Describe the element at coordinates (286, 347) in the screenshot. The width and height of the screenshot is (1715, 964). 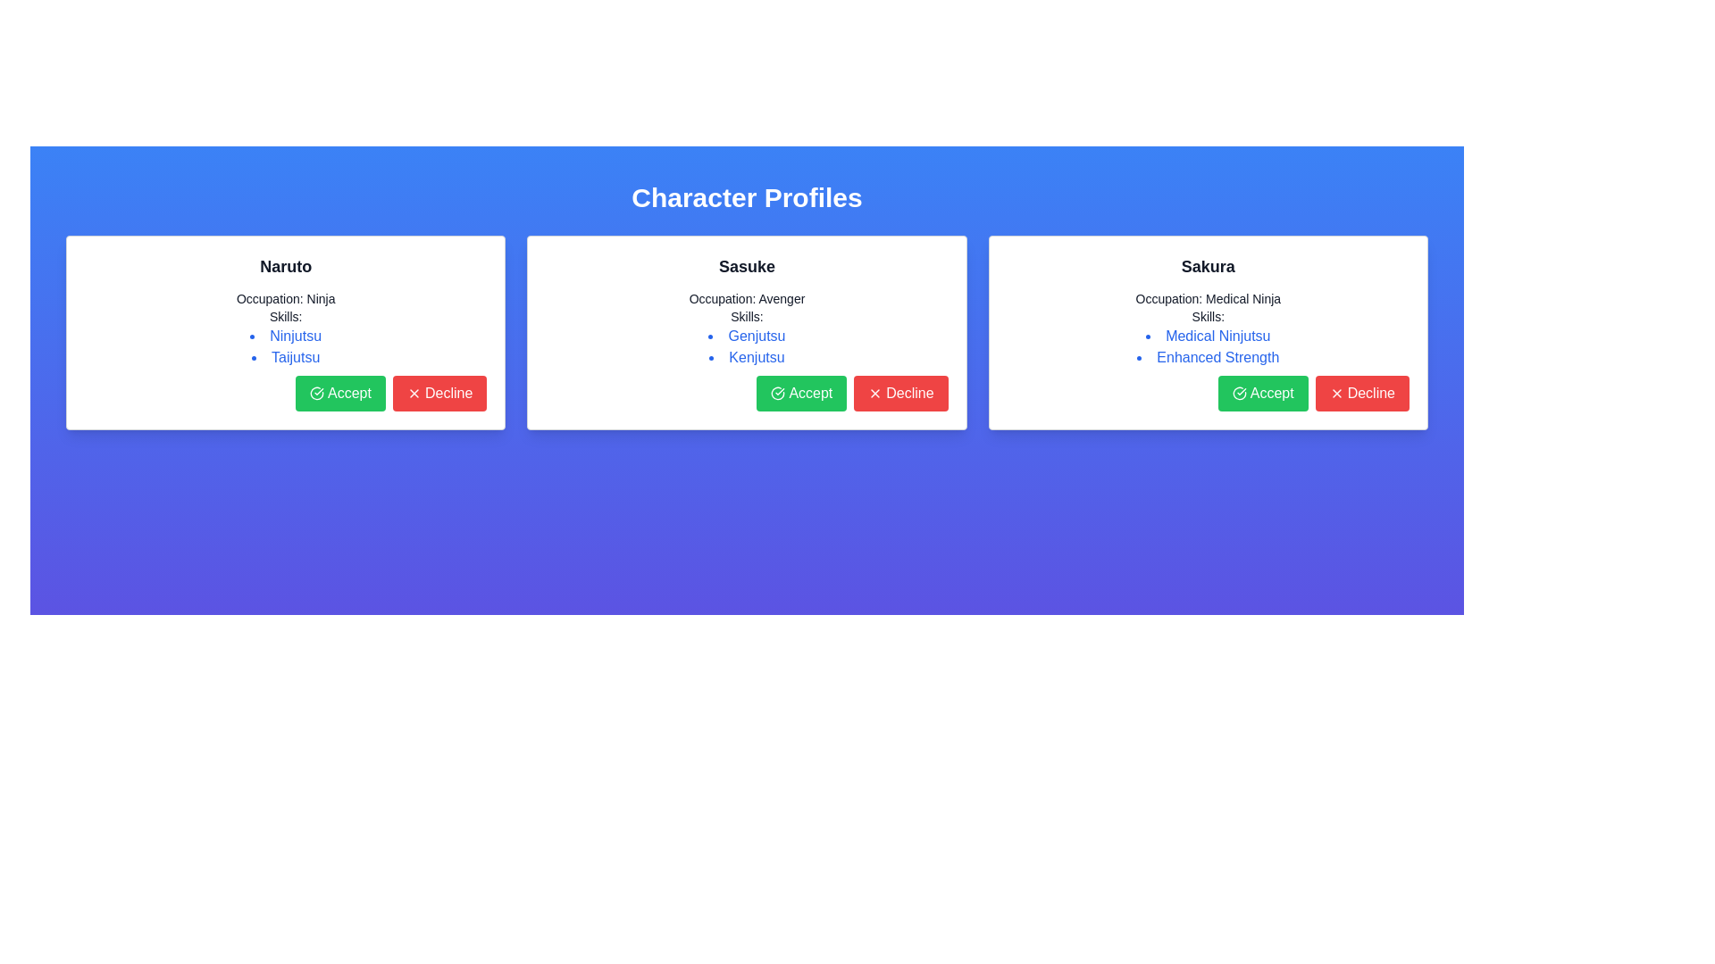
I see `individual skill items listed under the 'Skills:' header for the character Naruto, located in the first column of character profiles` at that location.